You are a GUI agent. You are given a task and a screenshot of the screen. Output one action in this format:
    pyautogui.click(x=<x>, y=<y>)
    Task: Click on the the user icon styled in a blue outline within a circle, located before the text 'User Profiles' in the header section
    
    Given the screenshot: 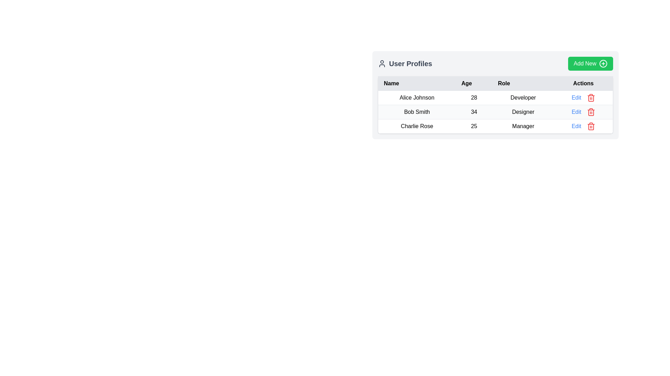 What is the action you would take?
    pyautogui.click(x=381, y=63)
    